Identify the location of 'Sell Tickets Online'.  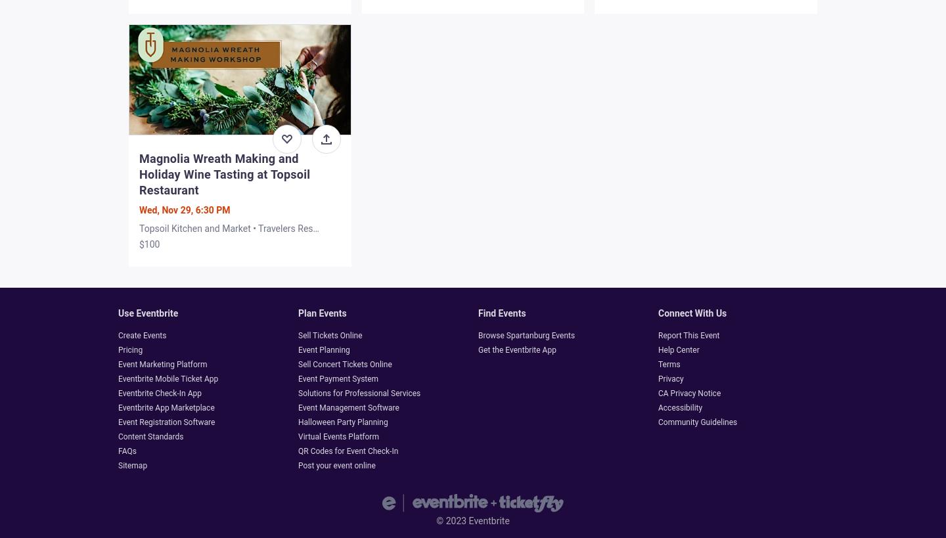
(329, 334).